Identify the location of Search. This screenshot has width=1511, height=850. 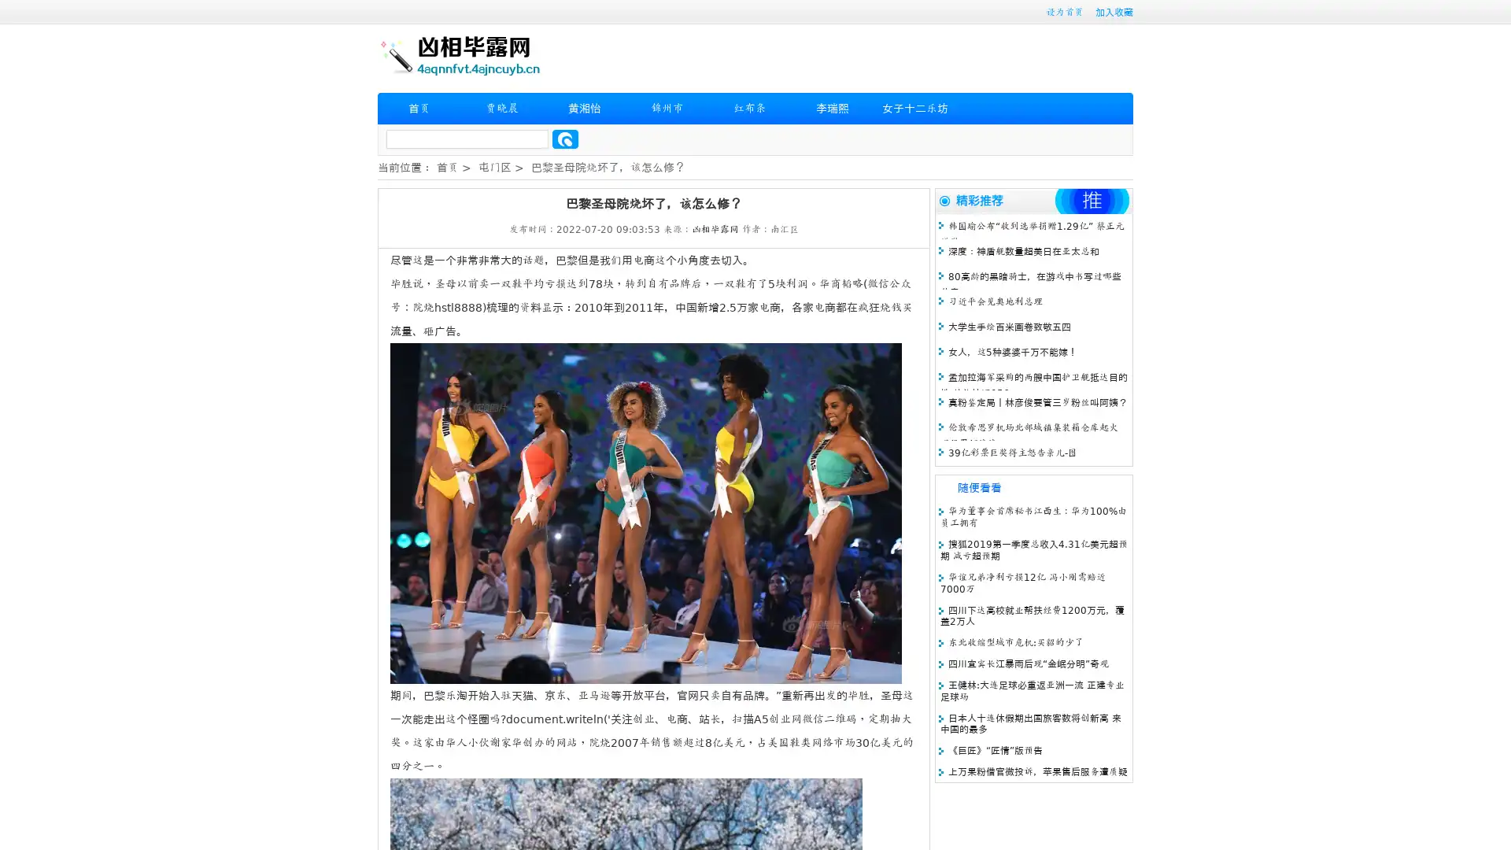
(565, 139).